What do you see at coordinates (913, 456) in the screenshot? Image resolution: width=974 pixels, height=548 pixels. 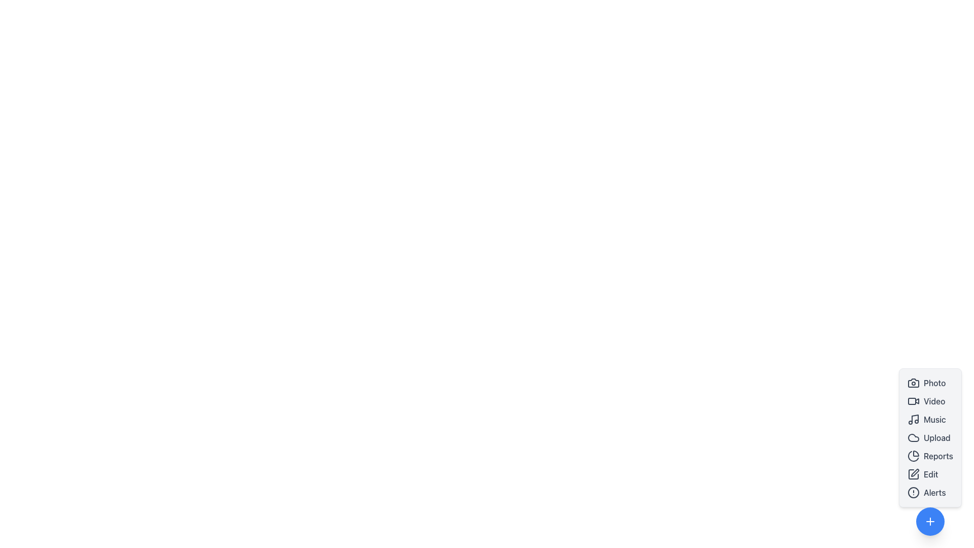 I see `the circular graphical component that represents a pie chart in the vertical menu located at the bottom-right corner of the interface` at bounding box center [913, 456].